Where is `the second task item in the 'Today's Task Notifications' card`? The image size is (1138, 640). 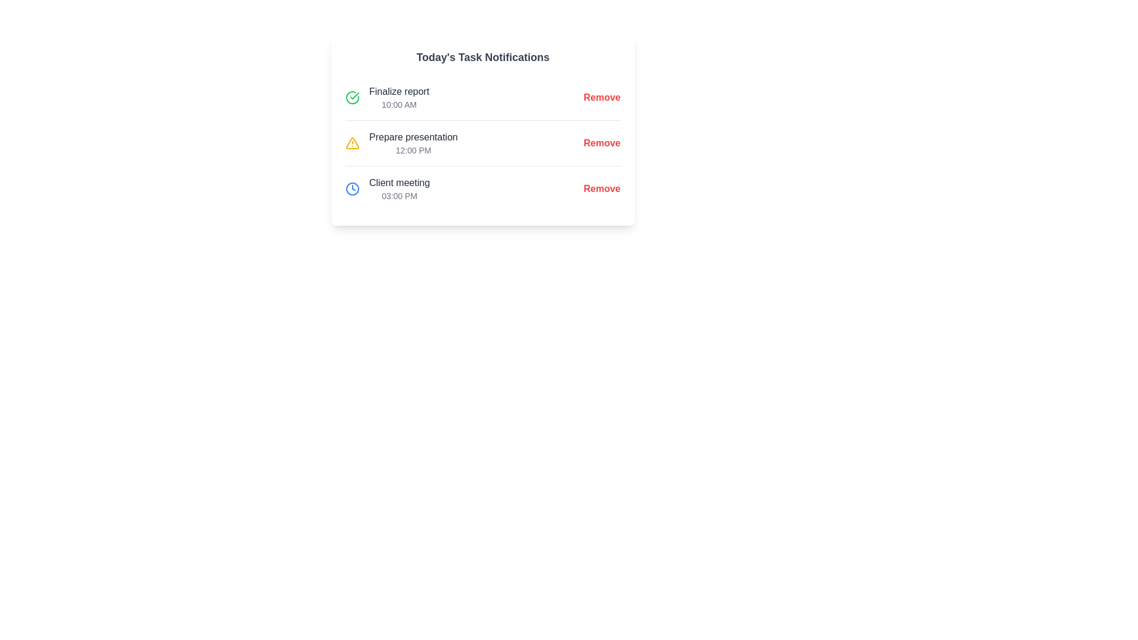 the second task item in the 'Today's Task Notifications' card is located at coordinates (483, 130).